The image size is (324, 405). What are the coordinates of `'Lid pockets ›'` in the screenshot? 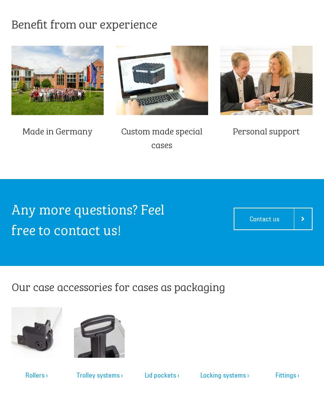 It's located at (161, 375).